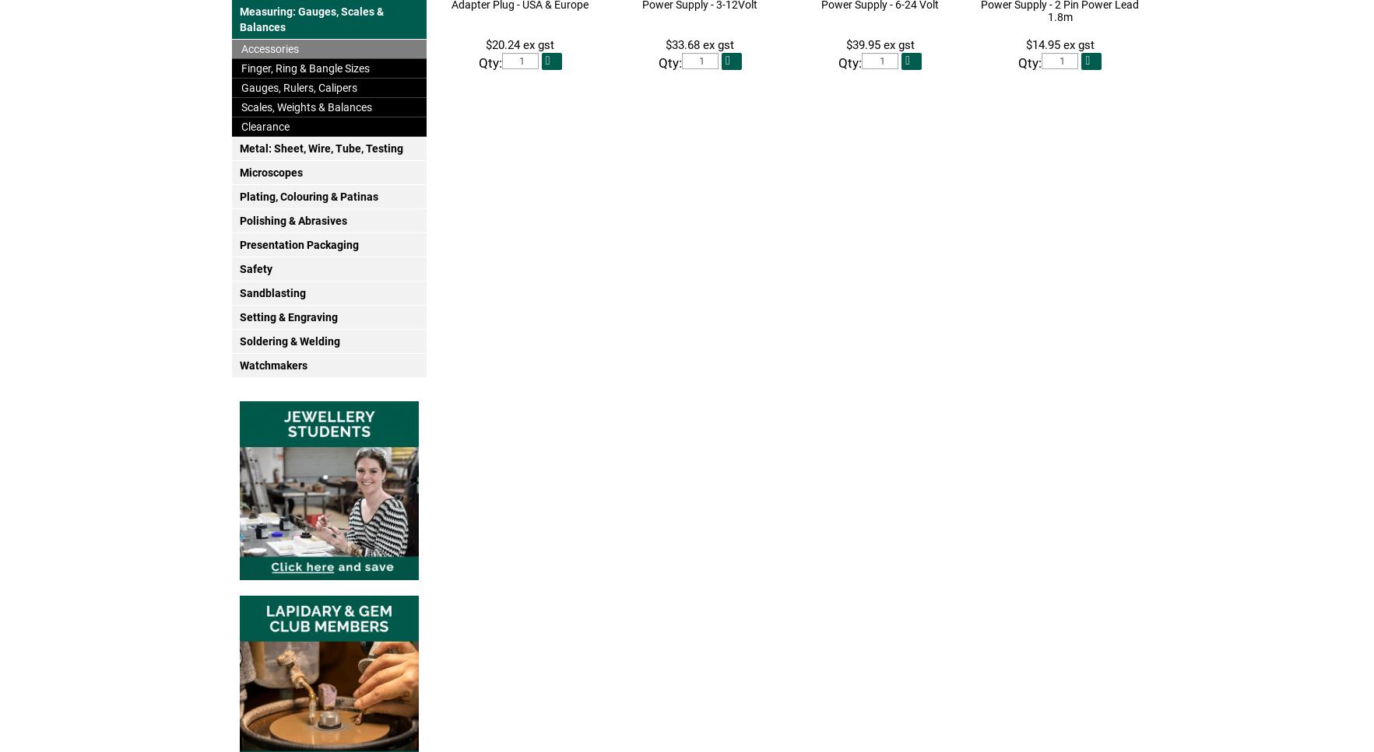  What do you see at coordinates (268, 47) in the screenshot?
I see `'Accessories'` at bounding box center [268, 47].